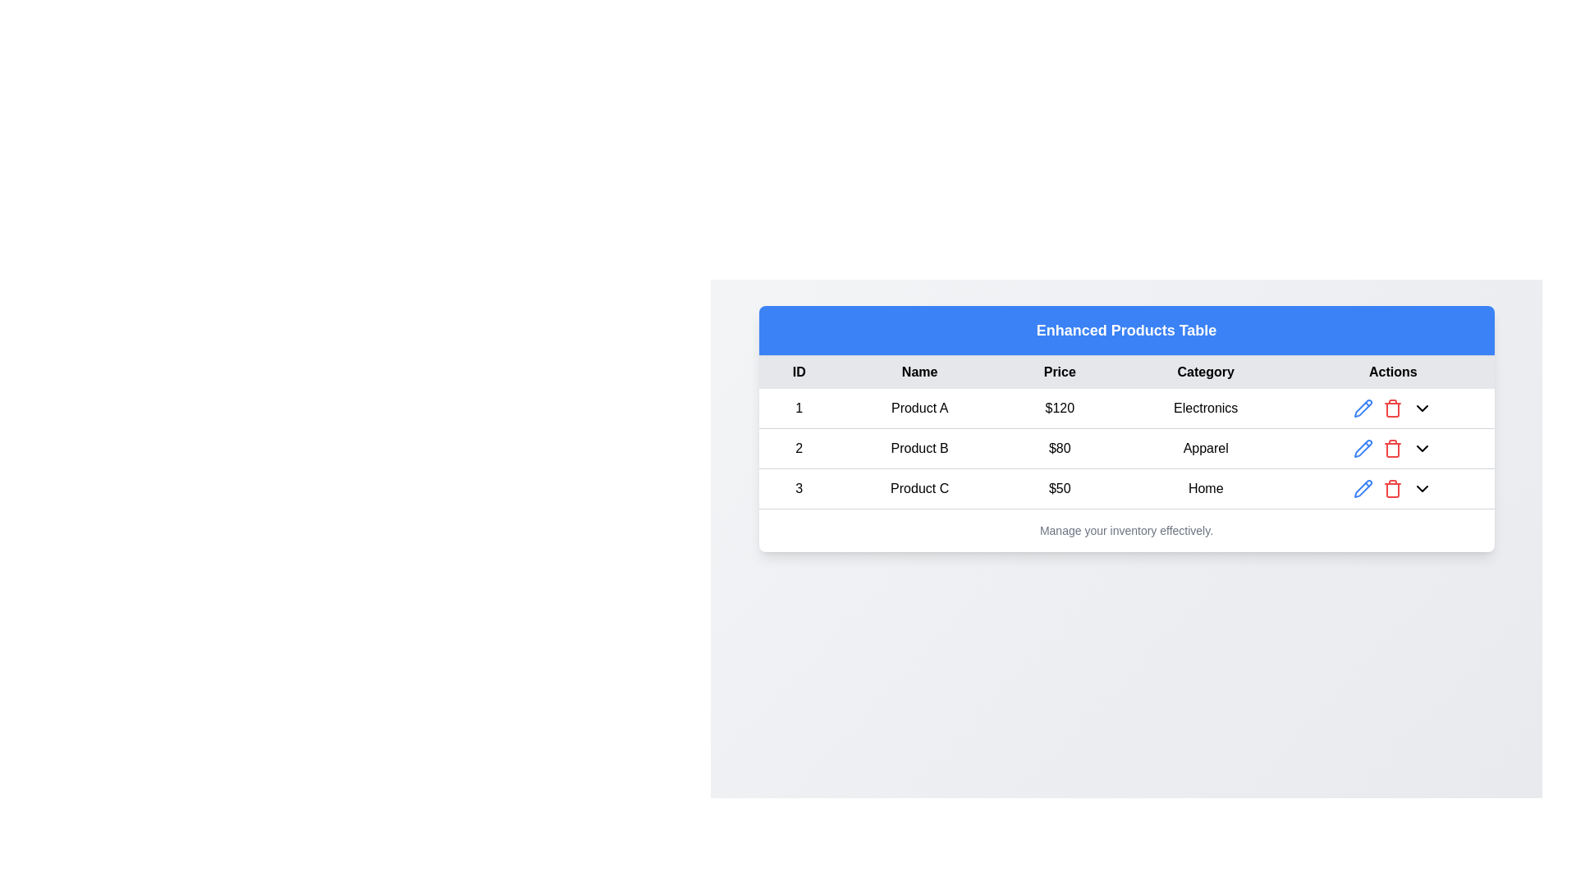 The height and width of the screenshot is (886, 1576). Describe the element at coordinates (1392, 407) in the screenshot. I see `the delete icon button, which is the second icon from the left in the 'Actions' column of the first row of the table` at that location.